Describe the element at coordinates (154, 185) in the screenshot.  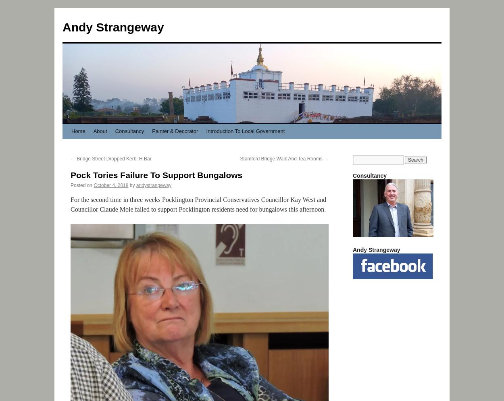
I see `'andystrangeway'` at that location.